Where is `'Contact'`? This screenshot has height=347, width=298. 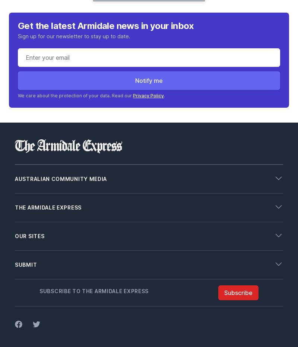 'Contact' is located at coordinates (24, 218).